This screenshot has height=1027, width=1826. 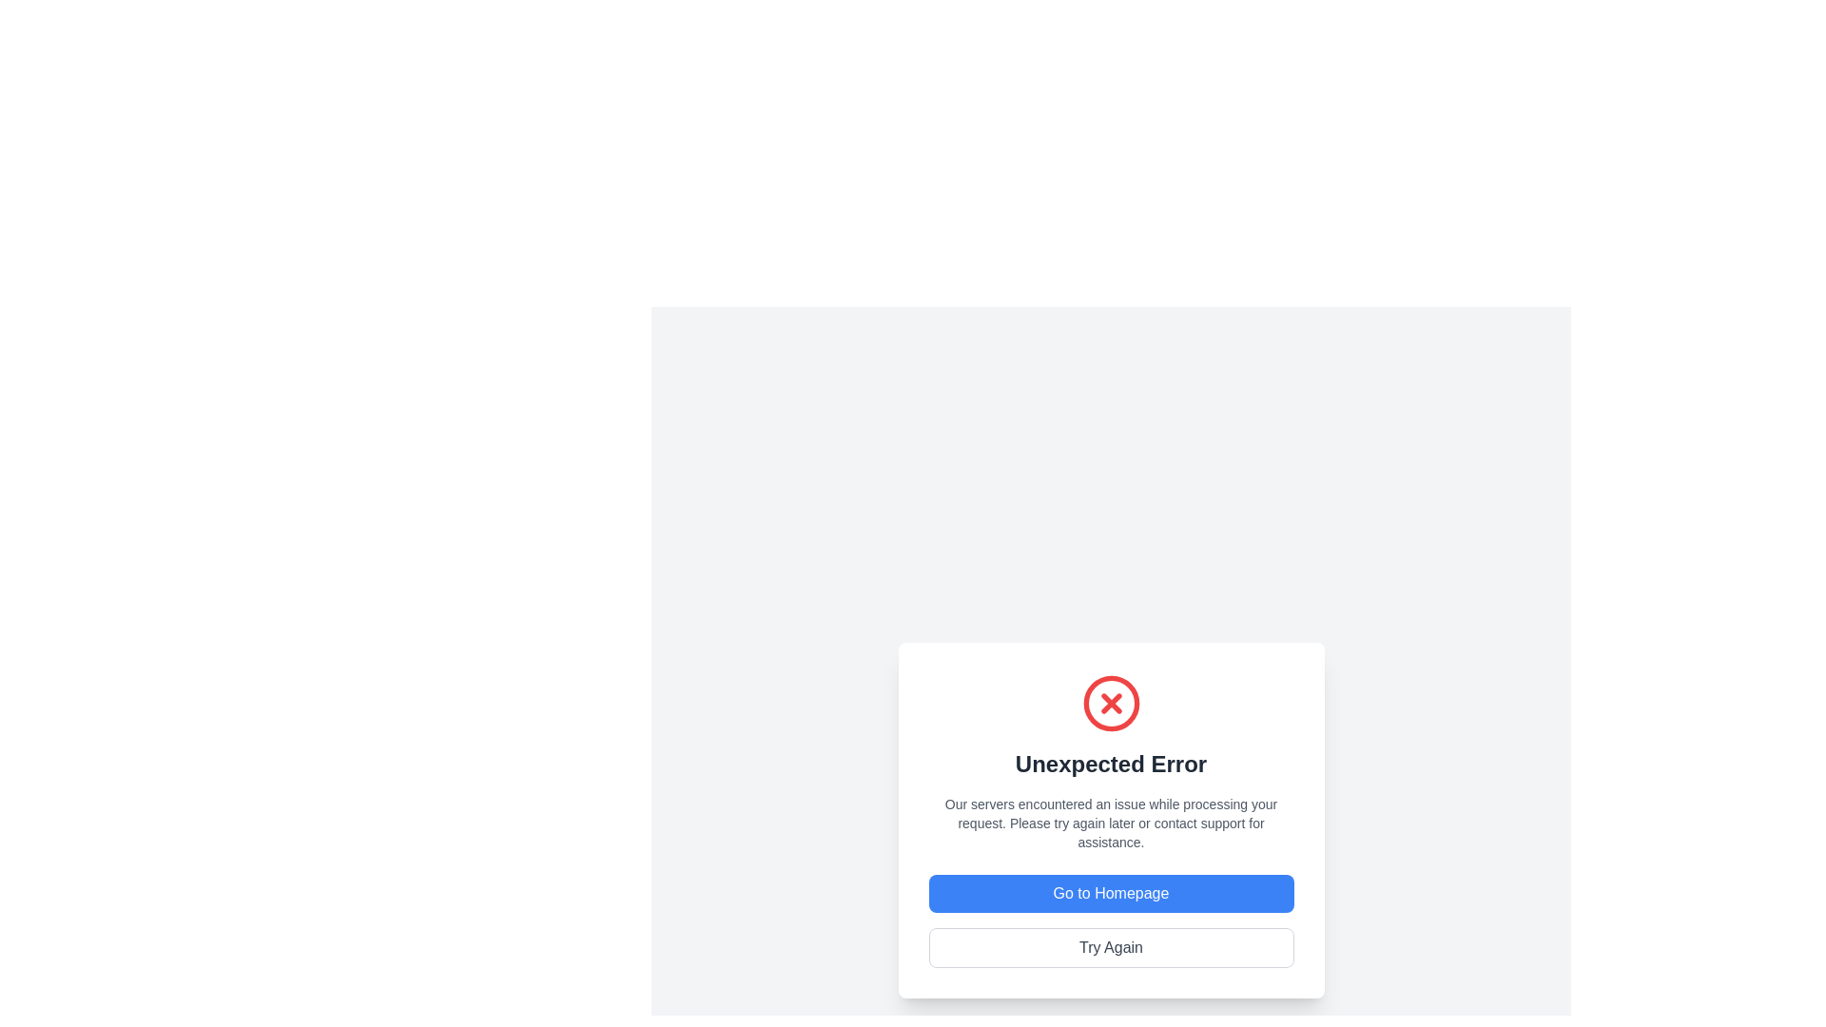 I want to click on the graphical icon represented by two thick intersecting lines forming an 'X', which symbolizes a close or error indication, located at the center of the error card above the error message text, so click(x=1111, y=704).